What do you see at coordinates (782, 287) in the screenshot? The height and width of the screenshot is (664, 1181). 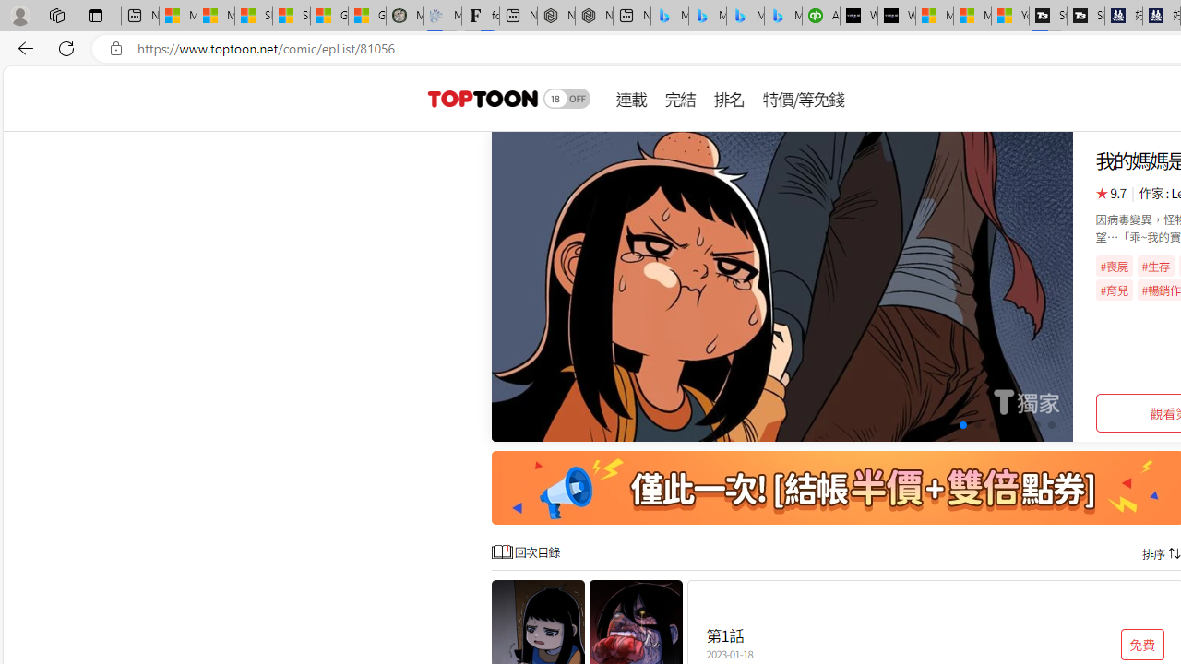 I see `'Class: swiper-slide'` at bounding box center [782, 287].